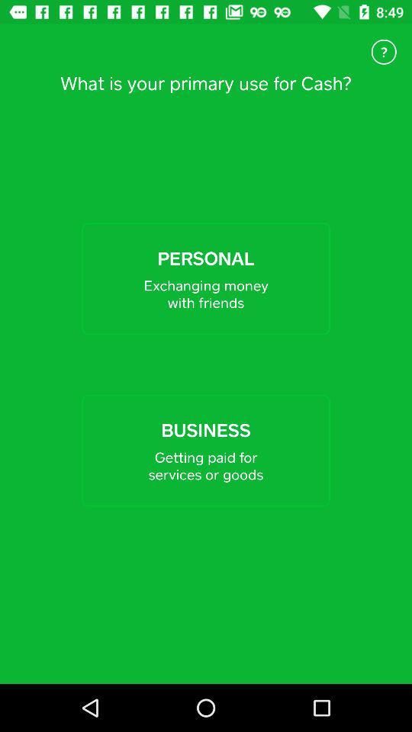  I want to click on the help icon, so click(383, 52).